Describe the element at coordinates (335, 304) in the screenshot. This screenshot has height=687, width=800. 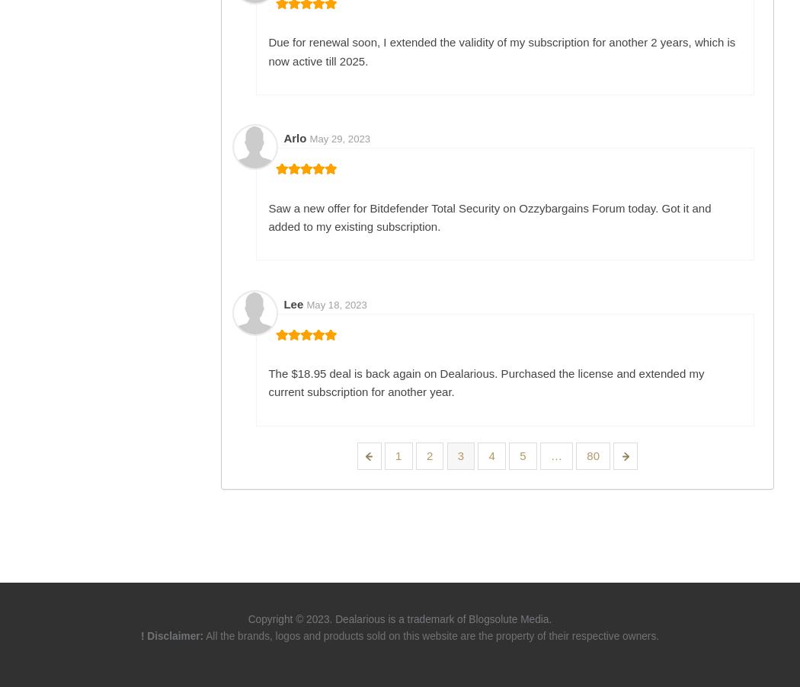
I see `'May 18, 2023'` at that location.